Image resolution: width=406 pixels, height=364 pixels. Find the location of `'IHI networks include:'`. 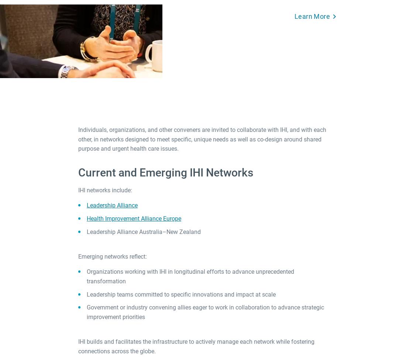

'IHI networks include:' is located at coordinates (105, 189).